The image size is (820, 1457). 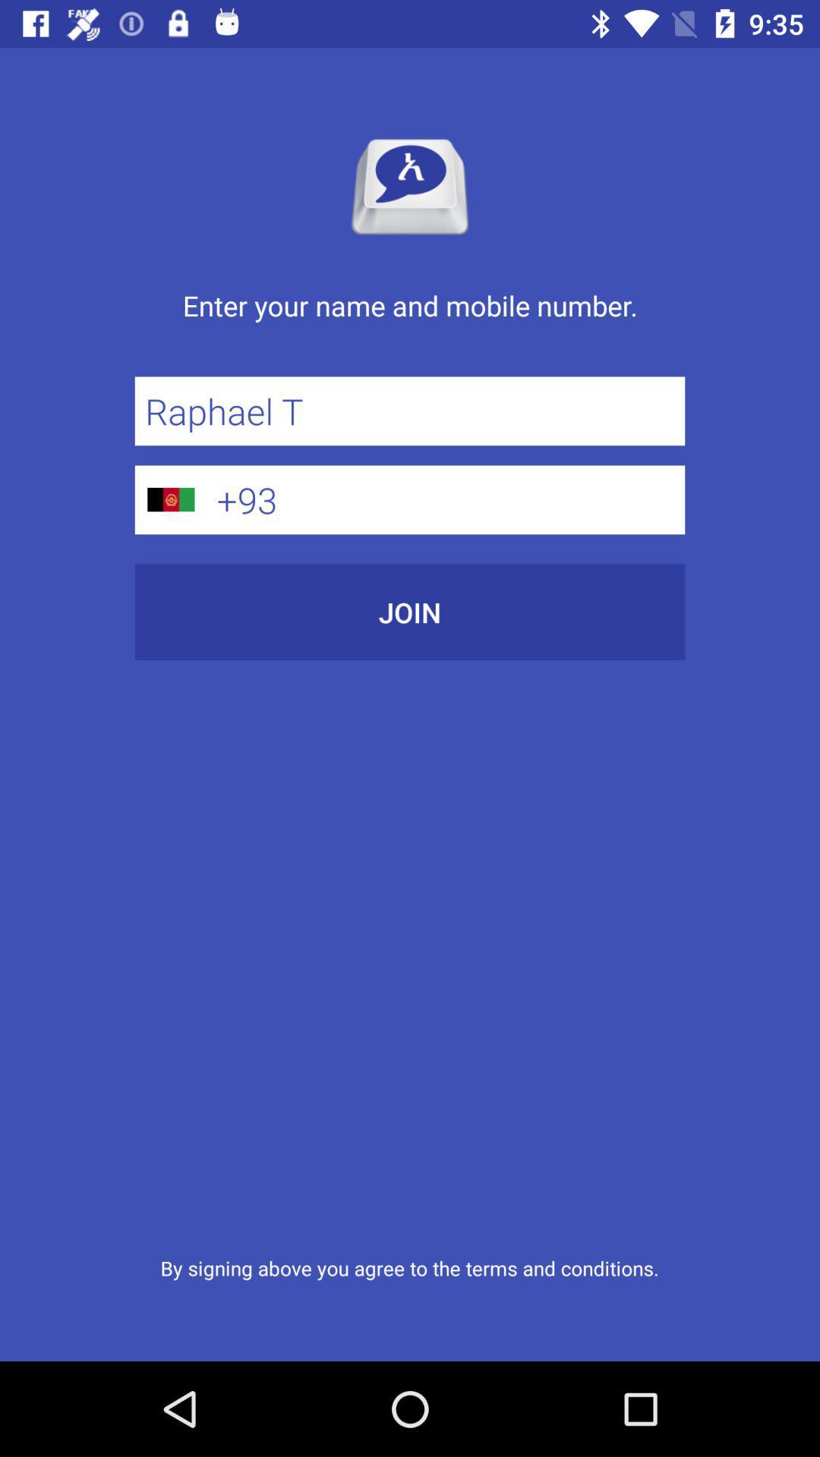 What do you see at coordinates (410, 411) in the screenshot?
I see `item above +93` at bounding box center [410, 411].